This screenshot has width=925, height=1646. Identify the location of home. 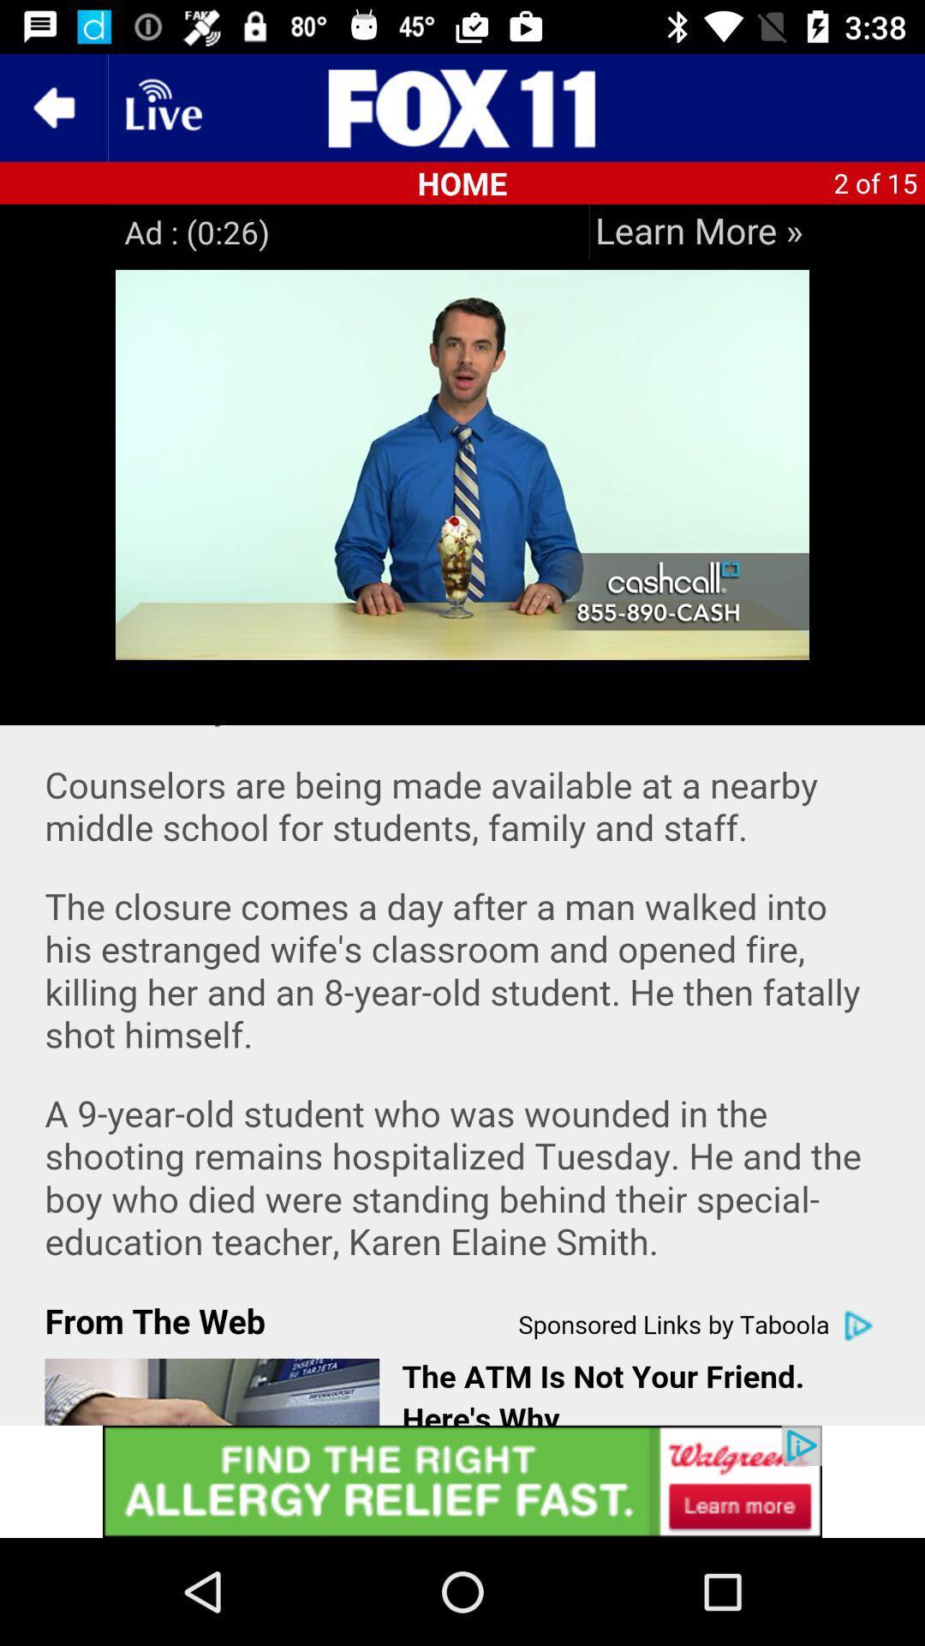
(462, 106).